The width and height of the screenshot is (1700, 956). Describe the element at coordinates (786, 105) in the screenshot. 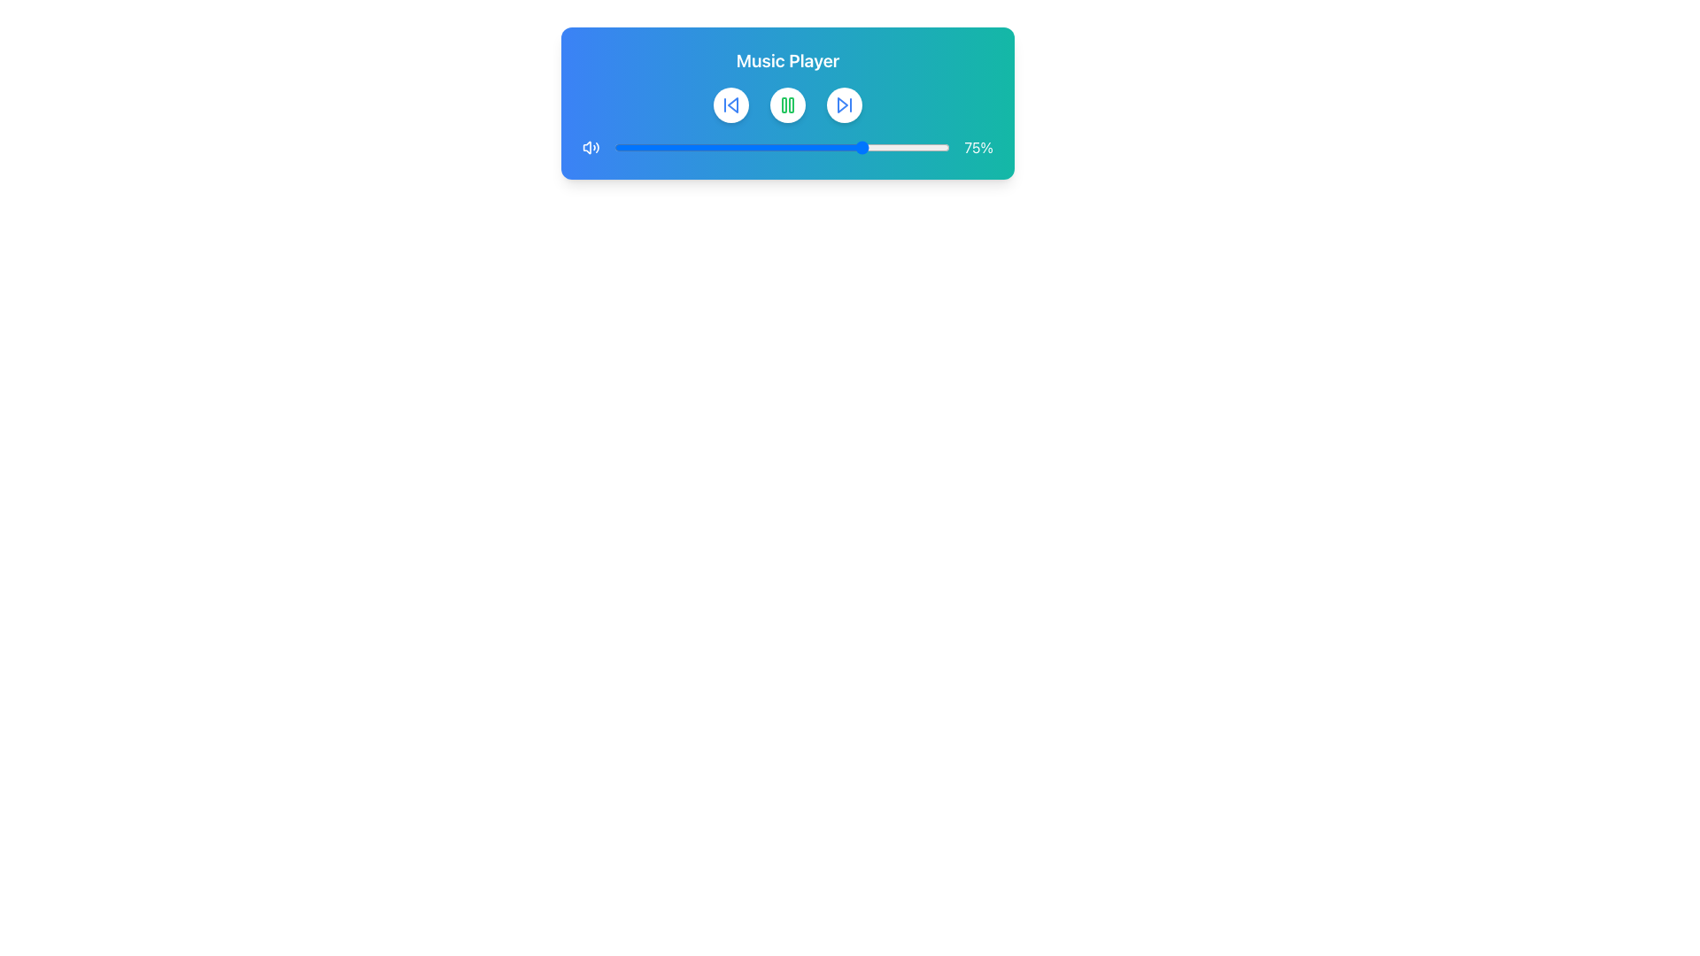

I see `the central pause button in the music player interface` at that location.